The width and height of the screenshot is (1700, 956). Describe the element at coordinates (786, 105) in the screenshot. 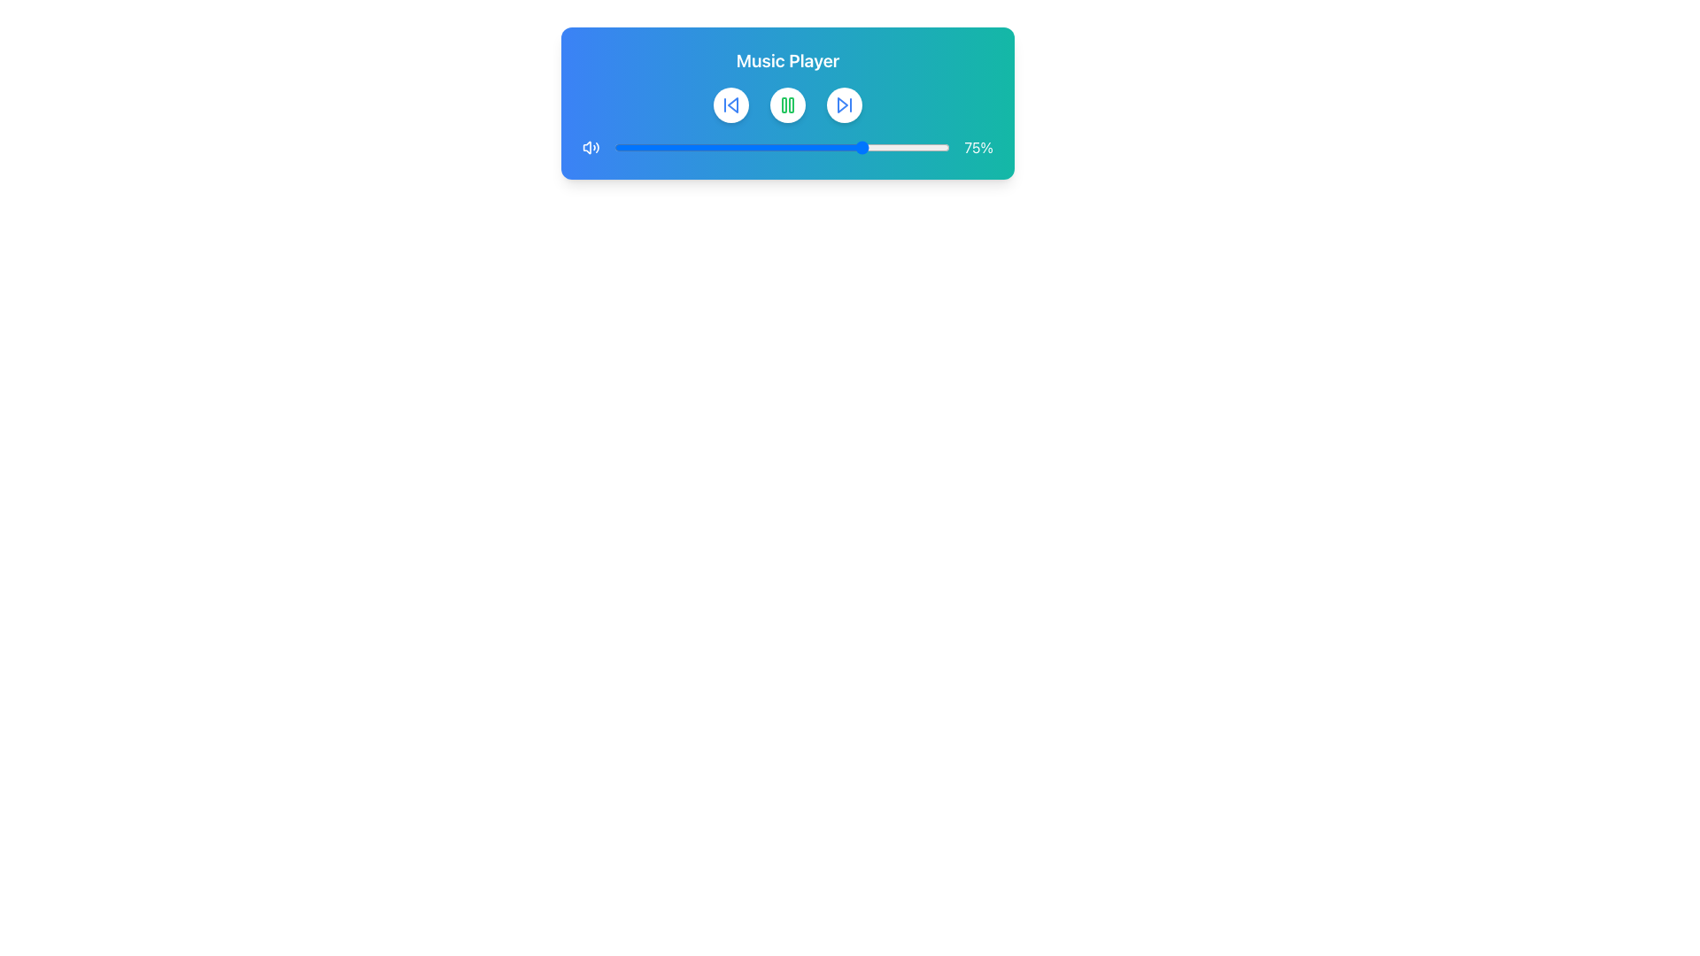

I see `the central pause button in the music player interface` at that location.